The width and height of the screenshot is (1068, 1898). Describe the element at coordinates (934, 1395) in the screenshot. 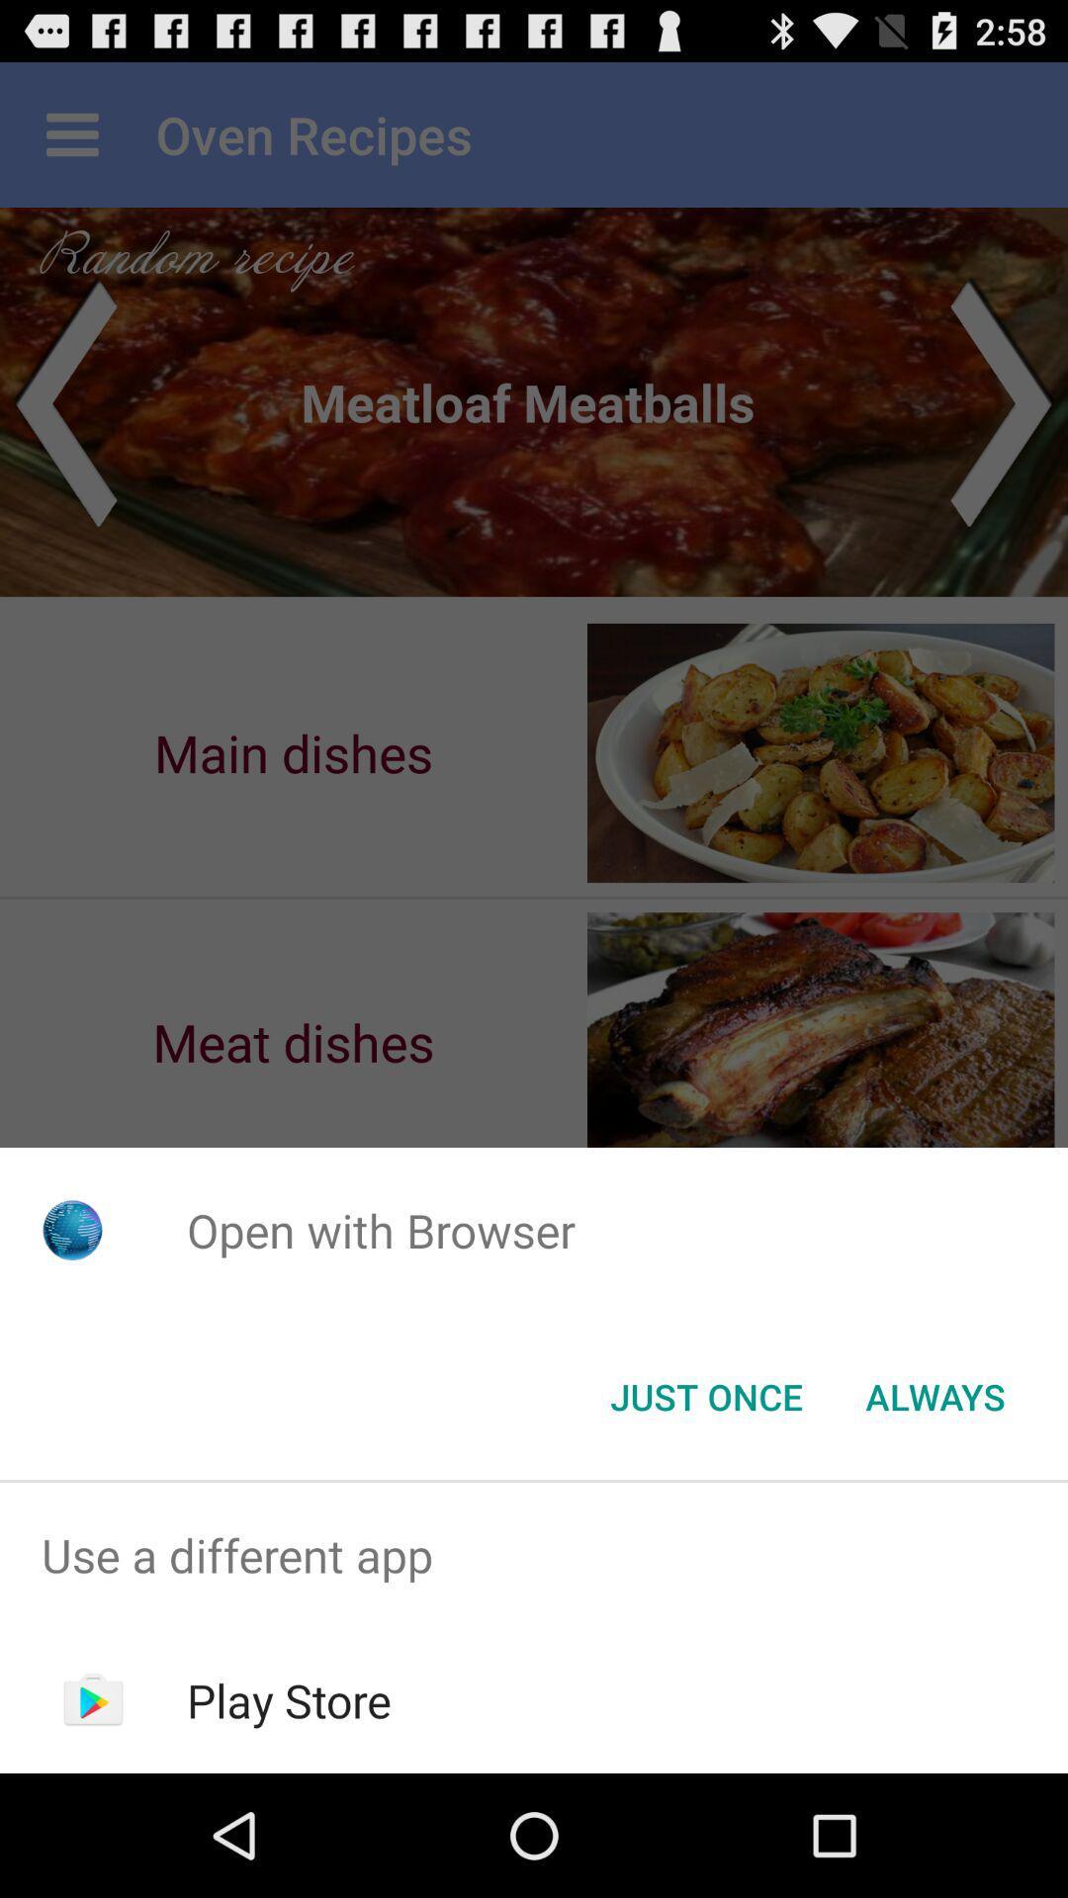

I see `app below the open with browser app` at that location.